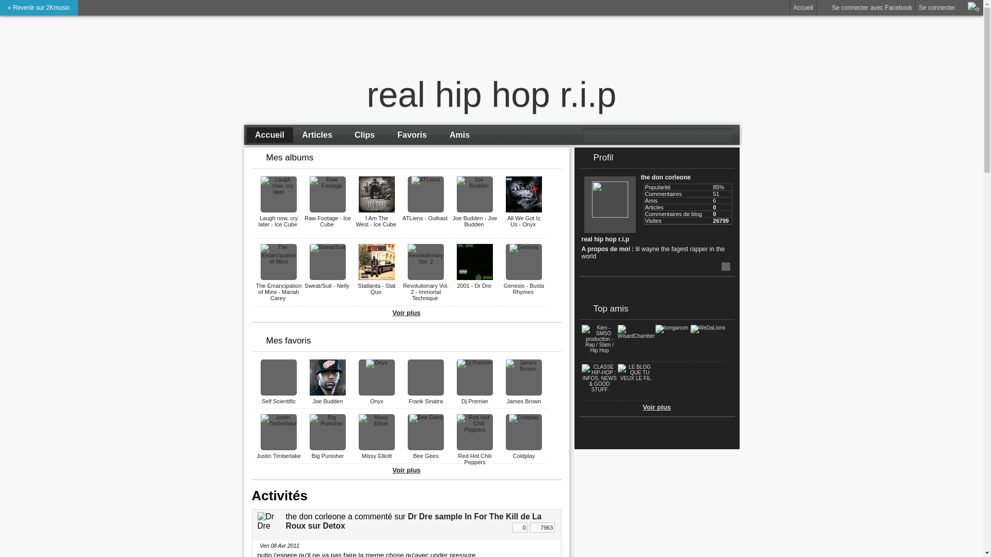 This screenshot has height=557, width=991. Describe the element at coordinates (708, 327) in the screenshot. I see `'WeDaLions'` at that location.